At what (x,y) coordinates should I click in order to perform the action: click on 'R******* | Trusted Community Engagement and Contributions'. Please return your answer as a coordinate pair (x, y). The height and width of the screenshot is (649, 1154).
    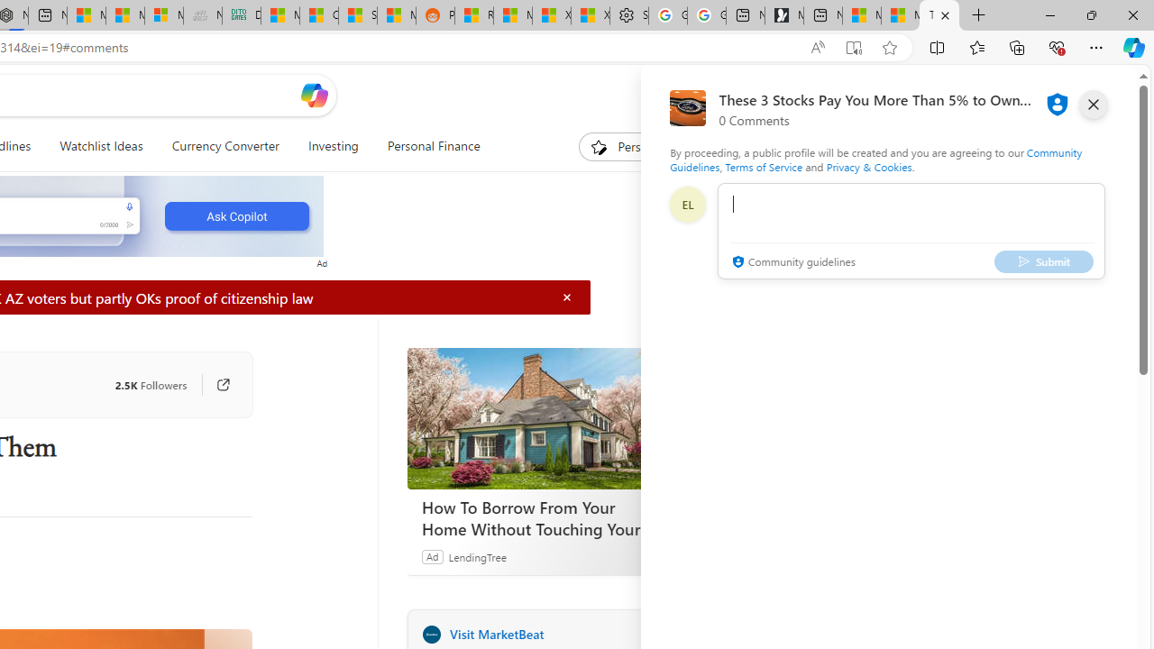
    Looking at the image, I should click on (474, 15).